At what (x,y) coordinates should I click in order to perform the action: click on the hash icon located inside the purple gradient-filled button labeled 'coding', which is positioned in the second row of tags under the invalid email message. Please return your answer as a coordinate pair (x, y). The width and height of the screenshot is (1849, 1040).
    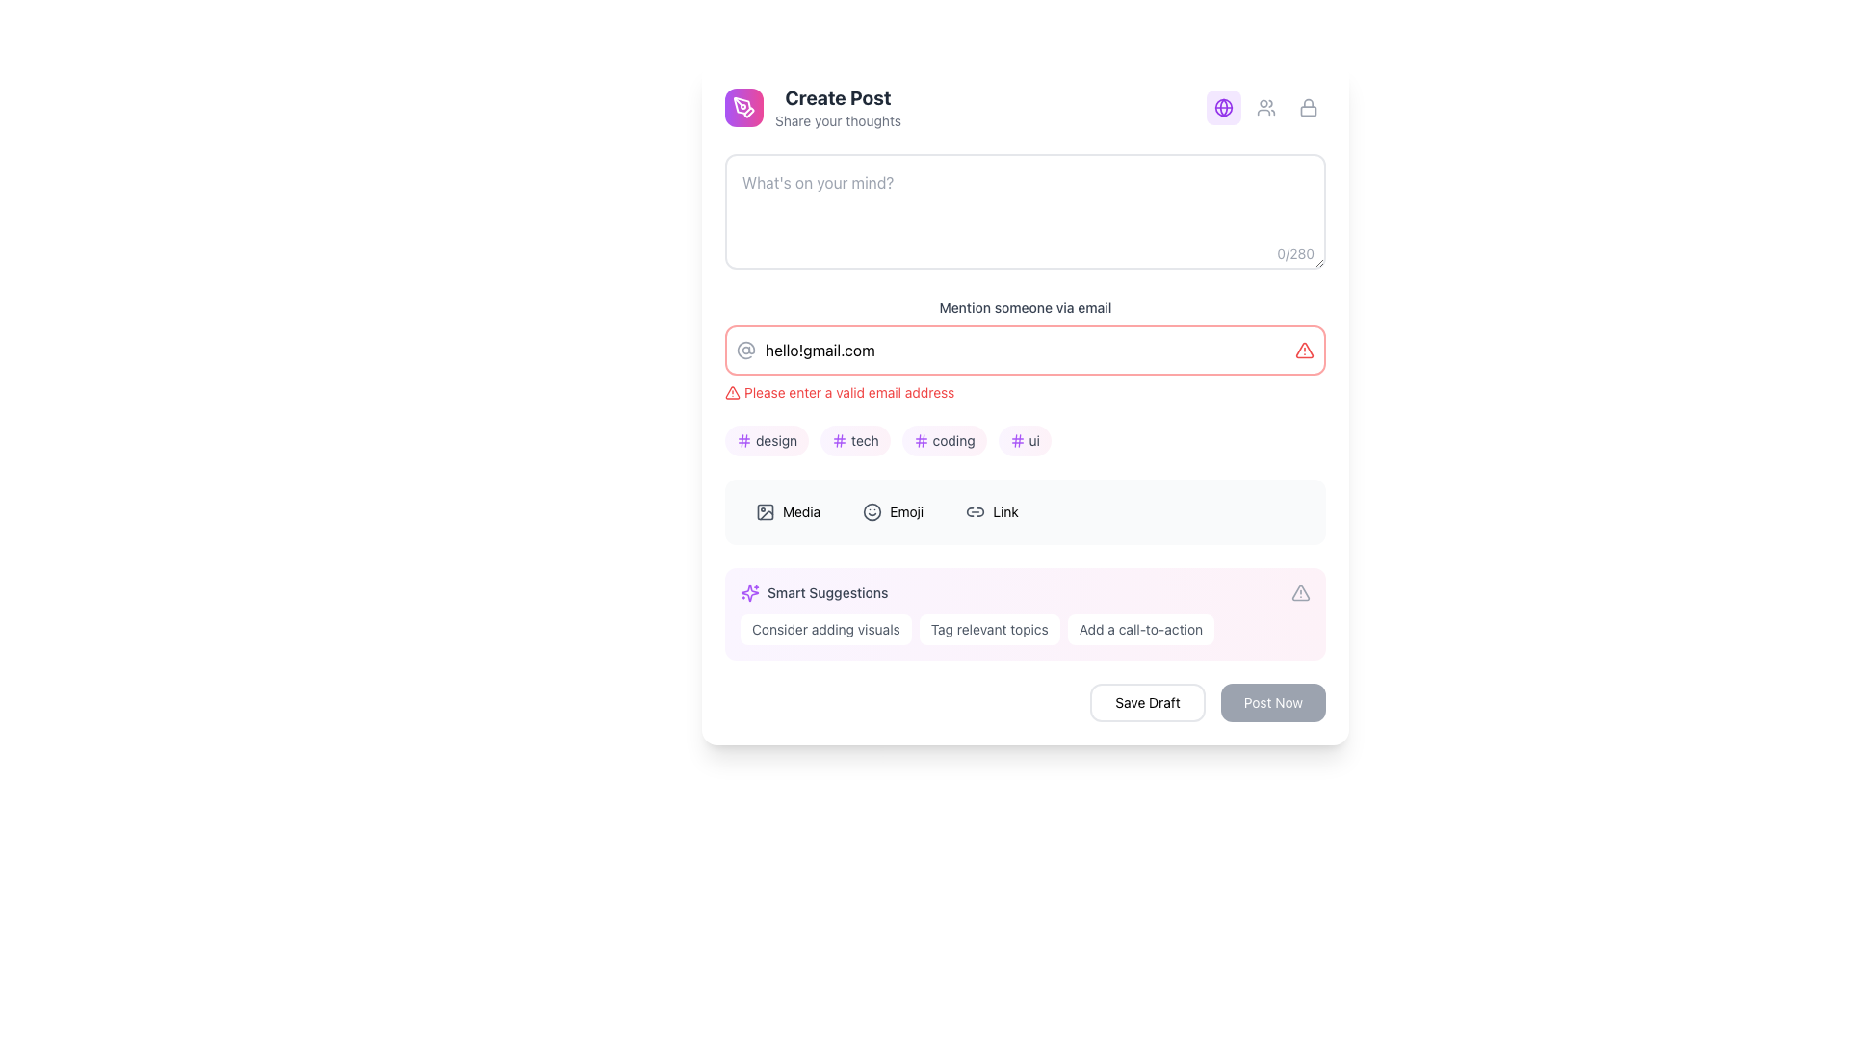
    Looking at the image, I should click on (920, 441).